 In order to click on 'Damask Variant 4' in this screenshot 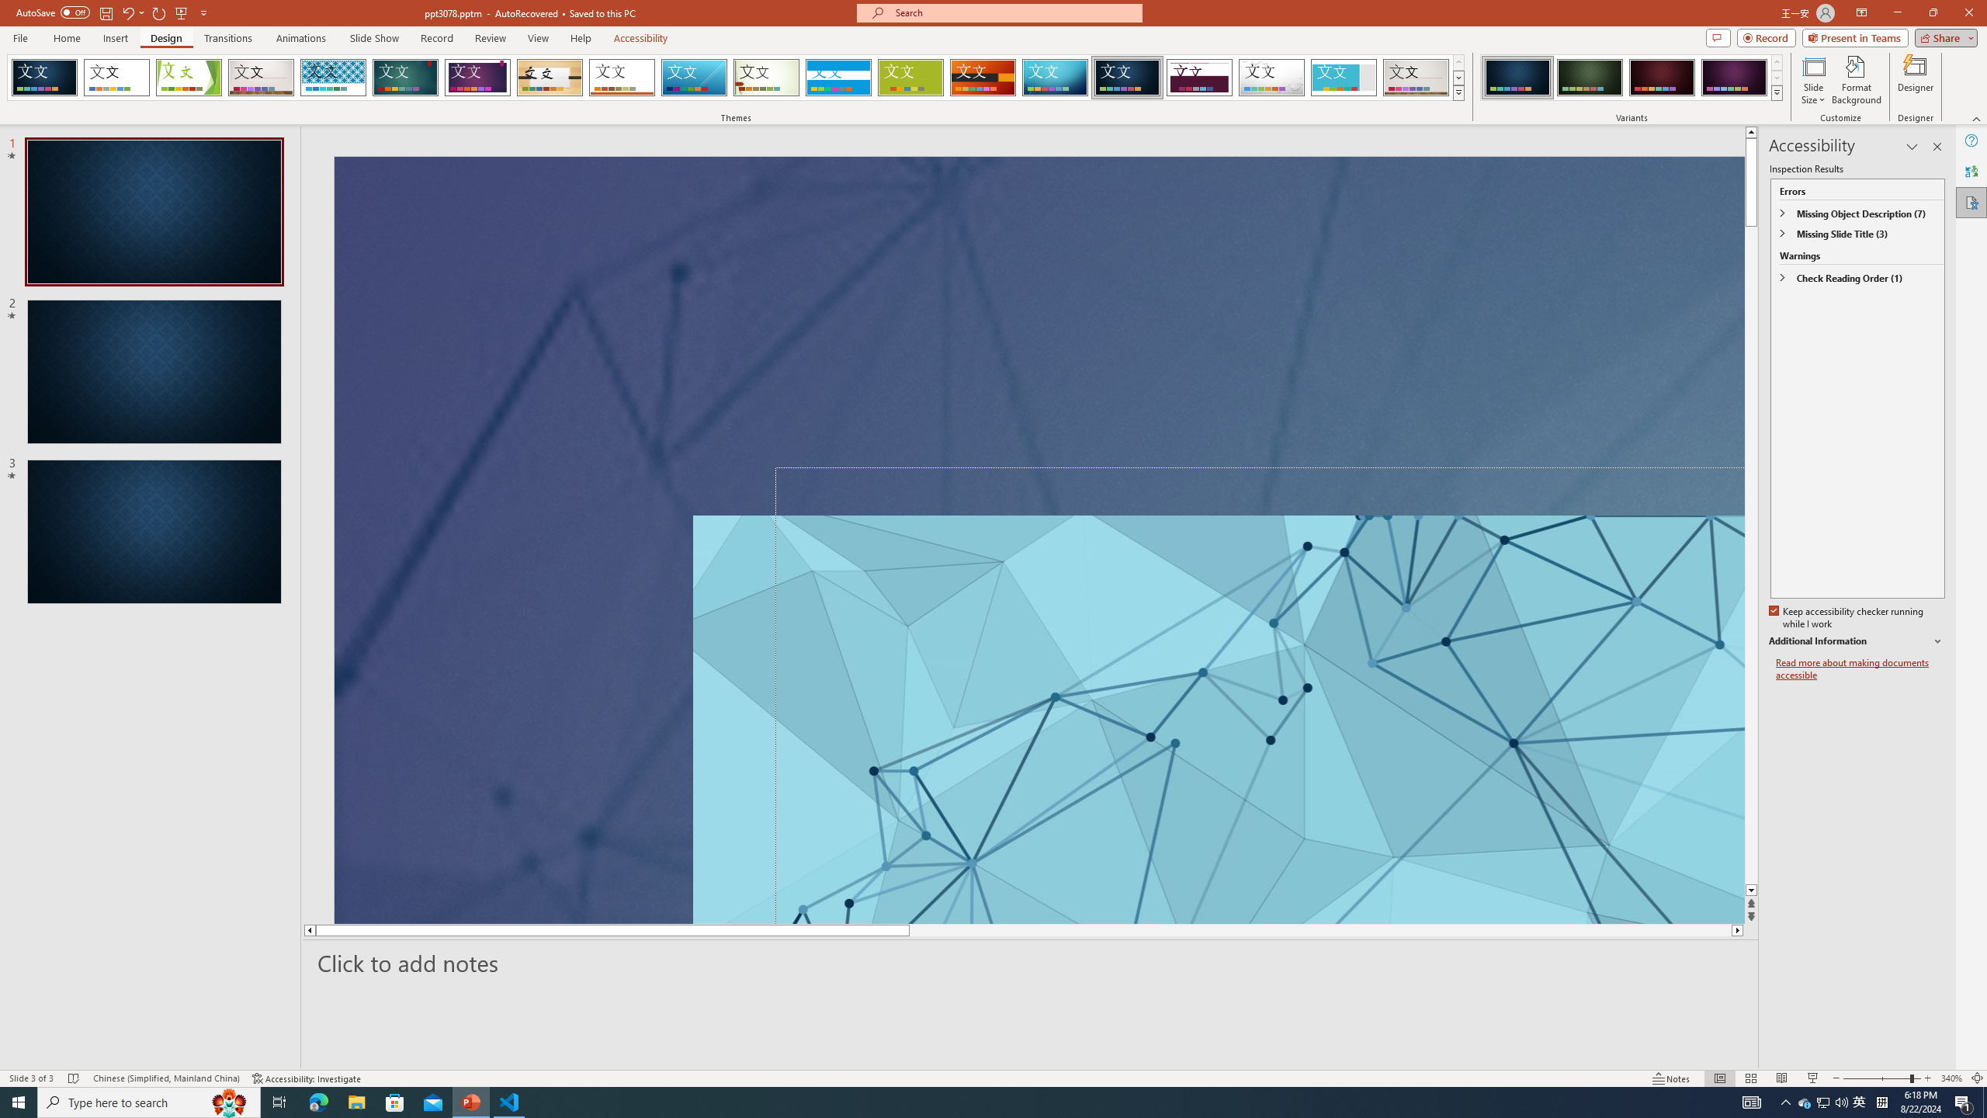, I will do `click(1733, 77)`.